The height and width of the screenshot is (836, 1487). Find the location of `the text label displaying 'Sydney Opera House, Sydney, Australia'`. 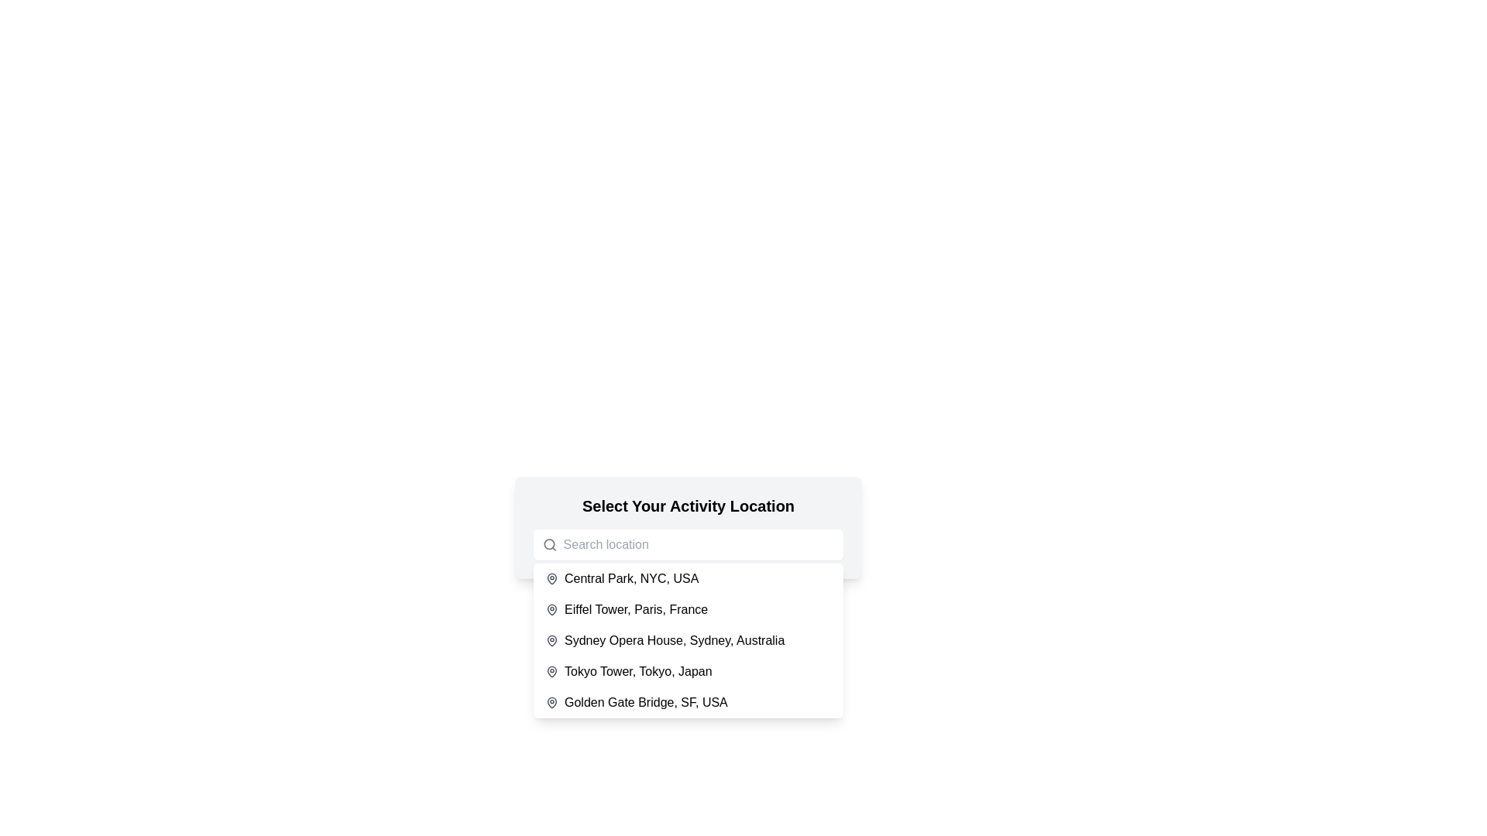

the text label displaying 'Sydney Opera House, Sydney, Australia' is located at coordinates (675, 641).